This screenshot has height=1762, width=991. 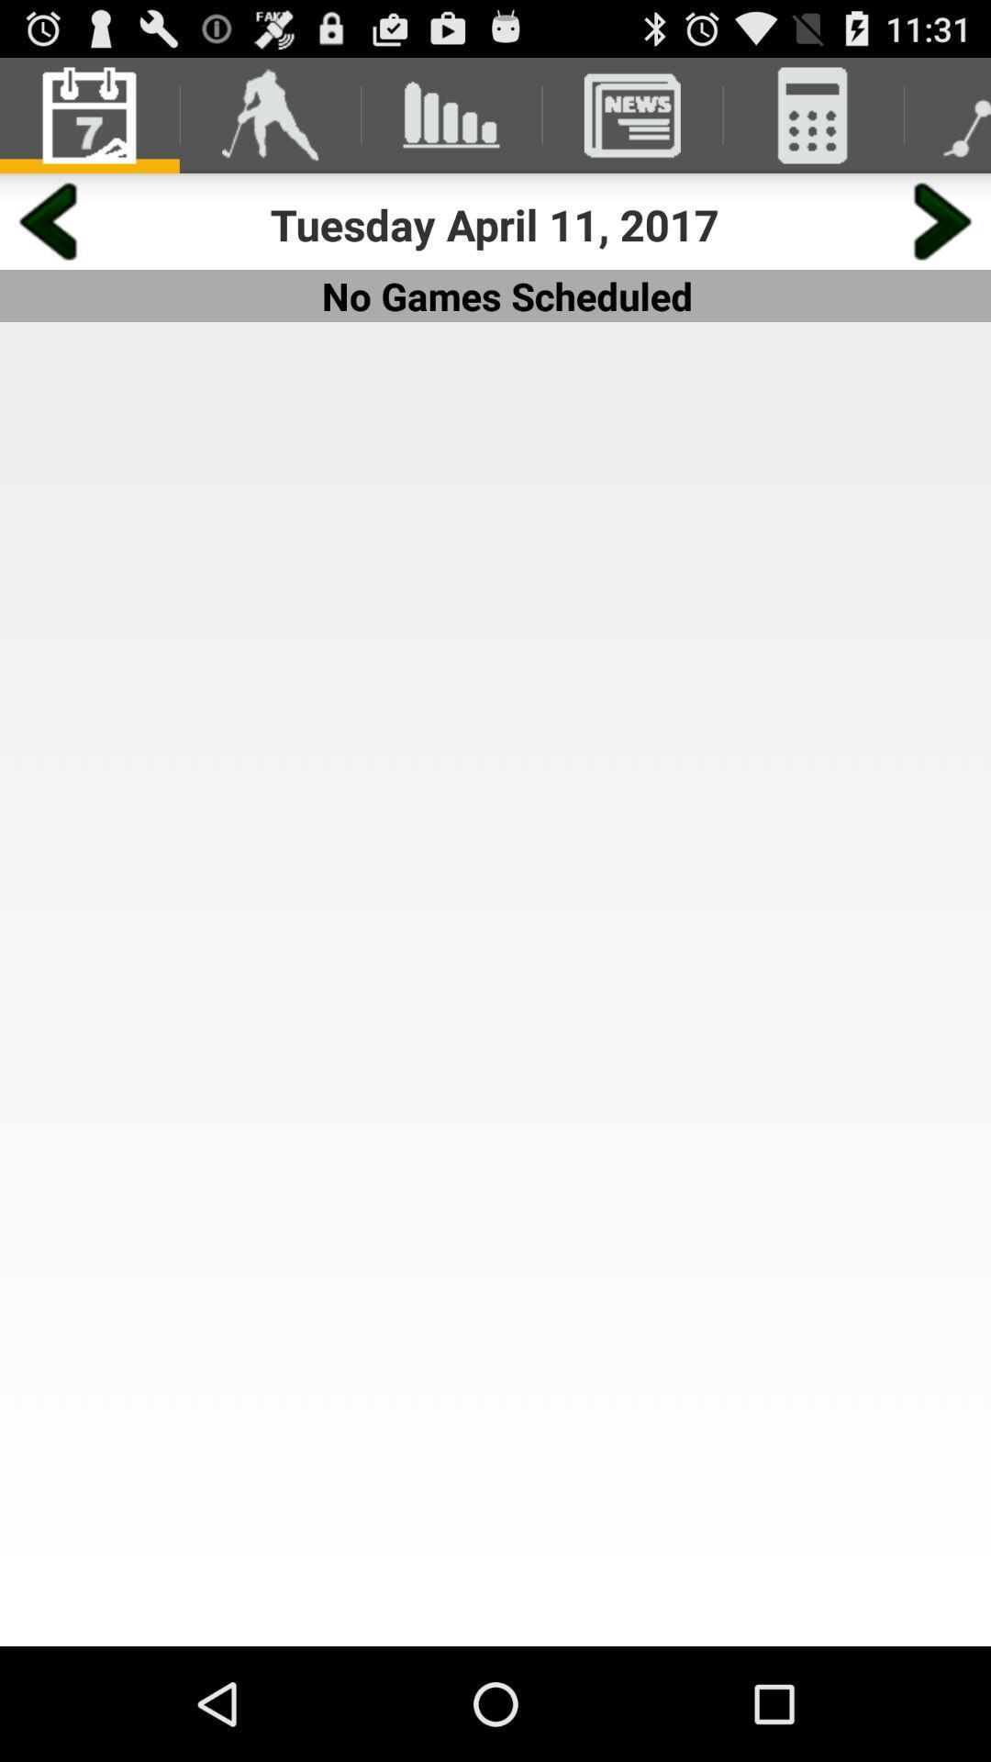 What do you see at coordinates (494, 223) in the screenshot?
I see `the tuesday april 11` at bounding box center [494, 223].